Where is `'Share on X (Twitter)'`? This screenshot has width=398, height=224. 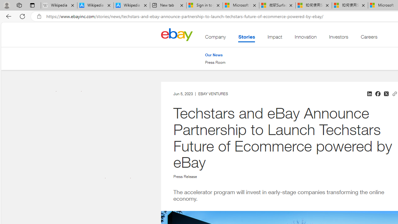
'Share on X (Twitter)' is located at coordinates (386, 94).